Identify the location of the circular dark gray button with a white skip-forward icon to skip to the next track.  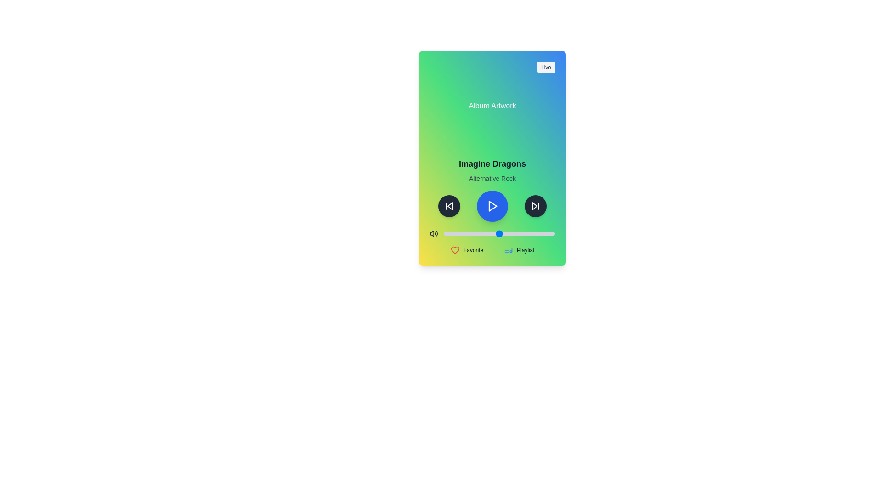
(536, 205).